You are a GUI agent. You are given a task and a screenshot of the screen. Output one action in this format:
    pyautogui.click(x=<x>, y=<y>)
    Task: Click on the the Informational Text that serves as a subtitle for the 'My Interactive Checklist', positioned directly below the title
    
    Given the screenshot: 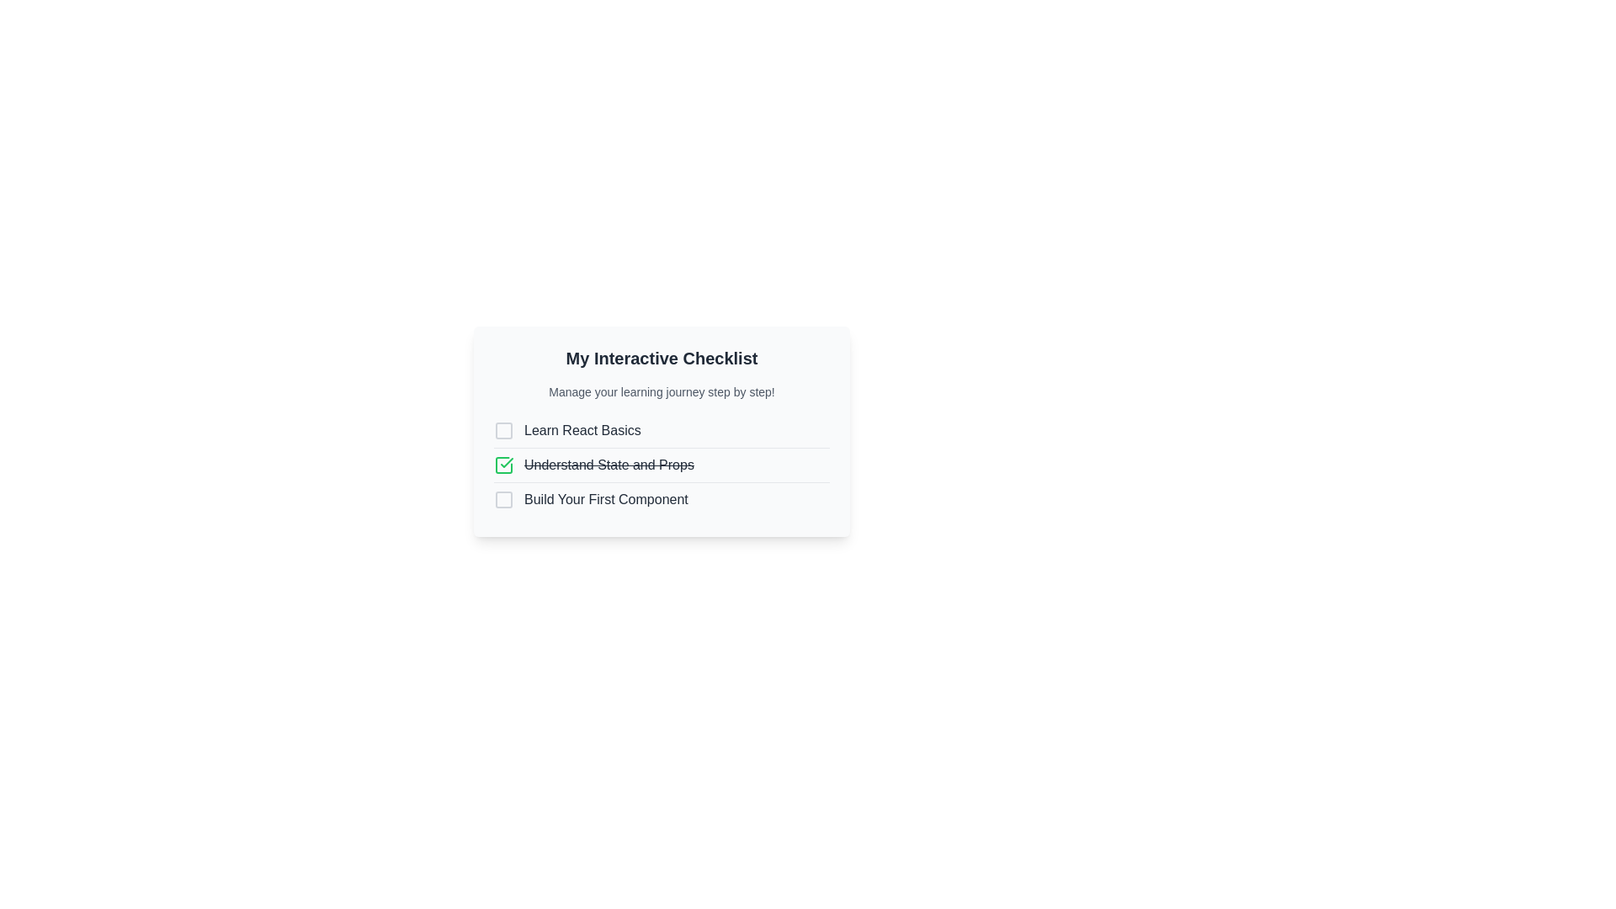 What is the action you would take?
    pyautogui.click(x=661, y=392)
    